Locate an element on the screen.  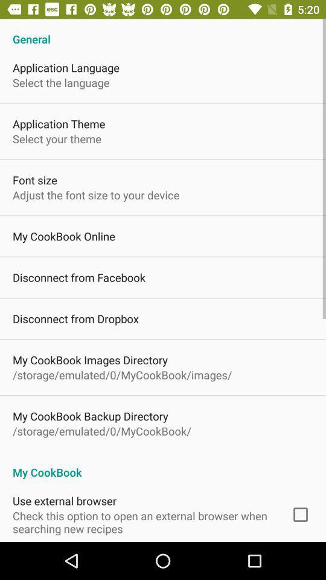
adjust the font icon is located at coordinates (95, 195).